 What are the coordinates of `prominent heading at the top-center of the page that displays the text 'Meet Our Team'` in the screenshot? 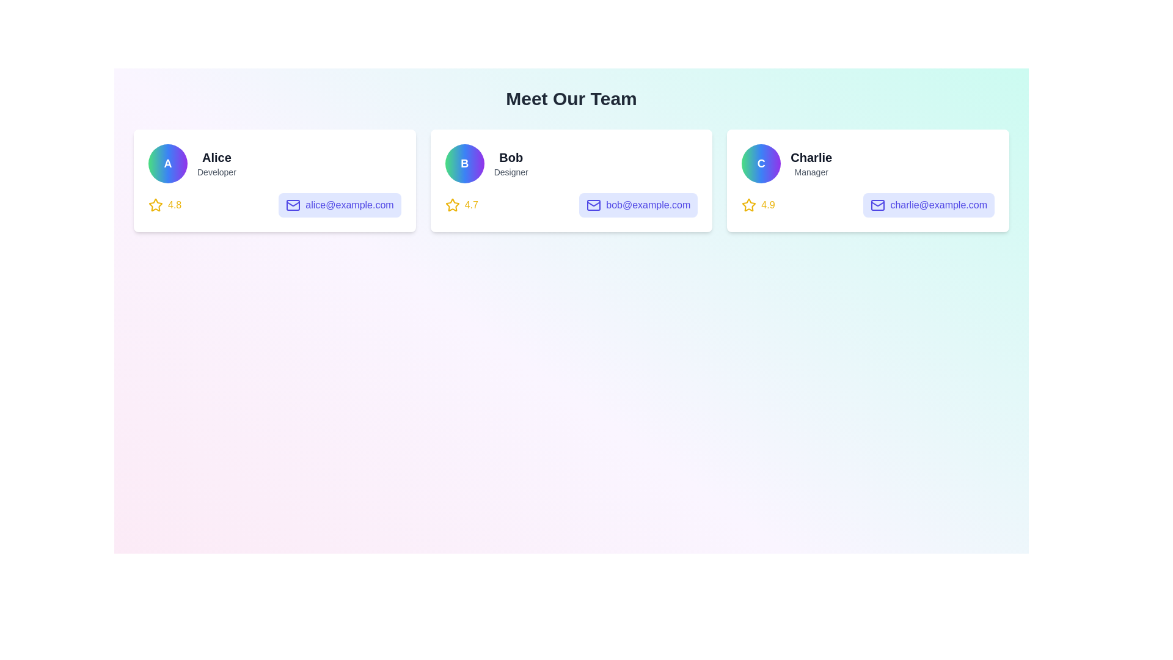 It's located at (571, 98).